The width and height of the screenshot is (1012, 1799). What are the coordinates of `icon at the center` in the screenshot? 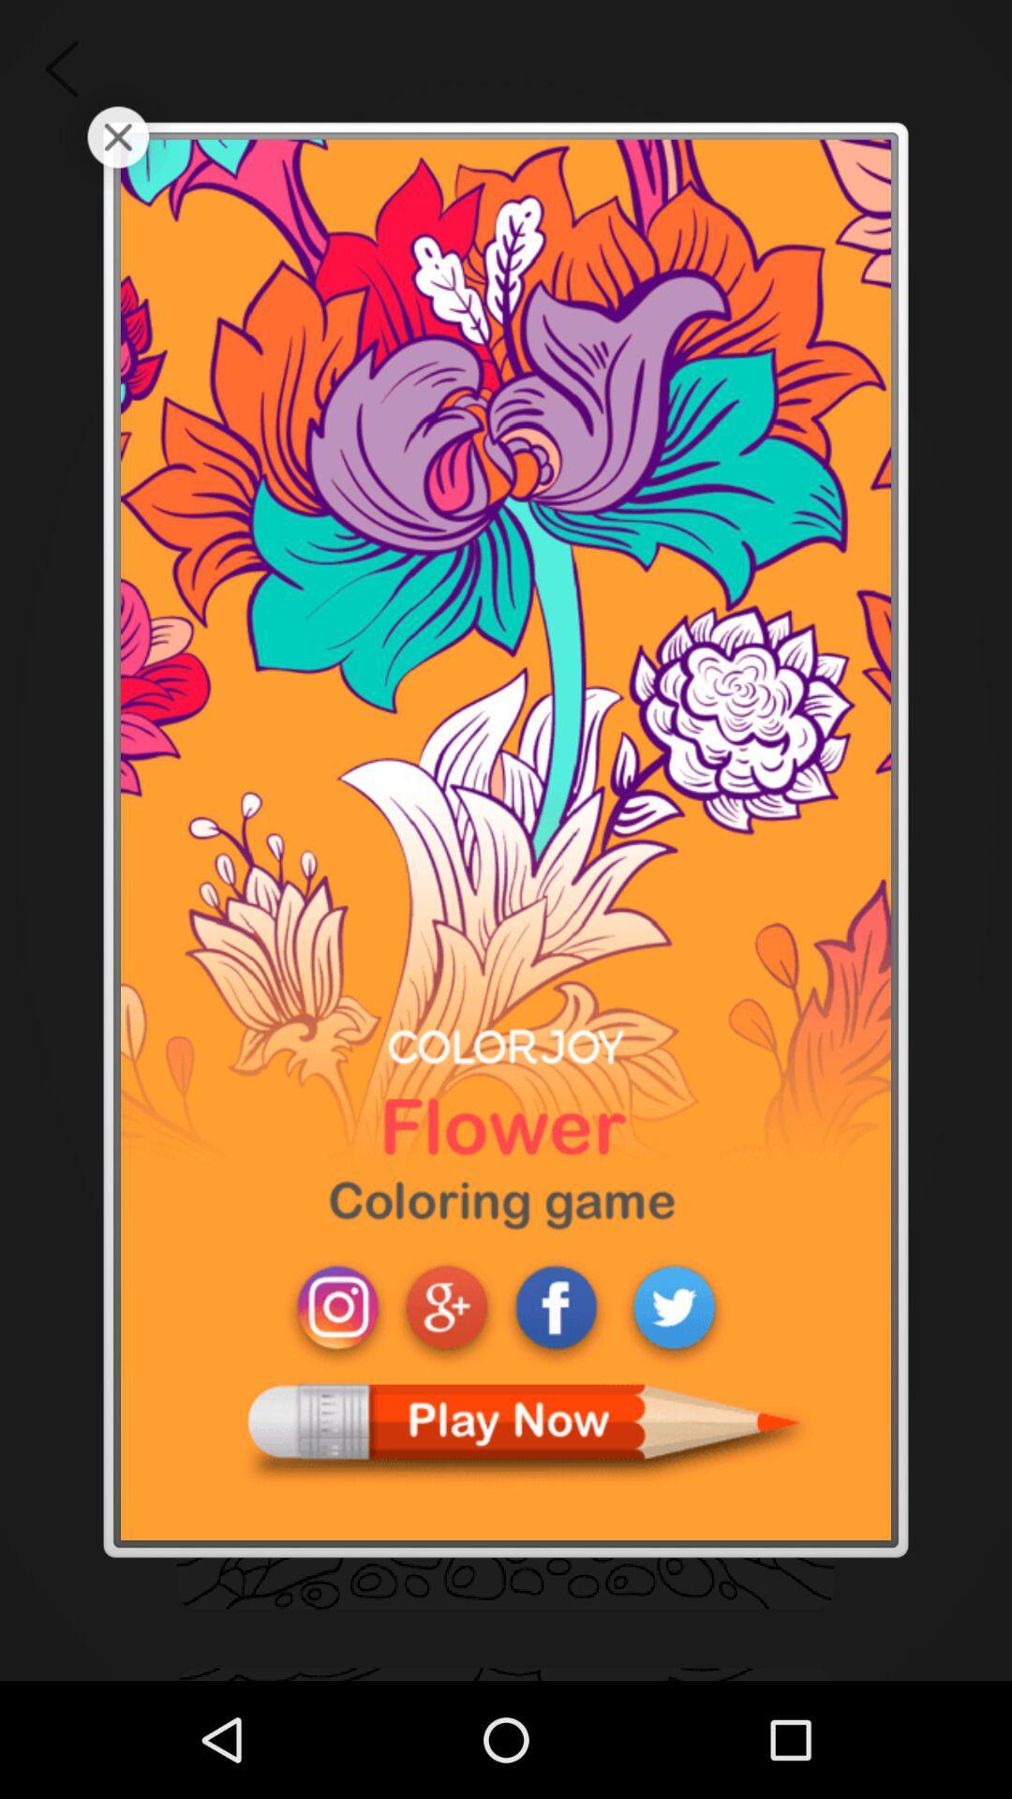 It's located at (506, 839).